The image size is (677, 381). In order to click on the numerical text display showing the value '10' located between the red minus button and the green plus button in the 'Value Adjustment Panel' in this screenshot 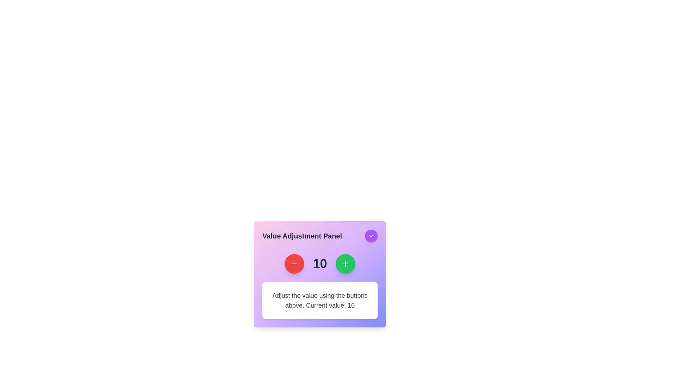, I will do `click(319, 264)`.